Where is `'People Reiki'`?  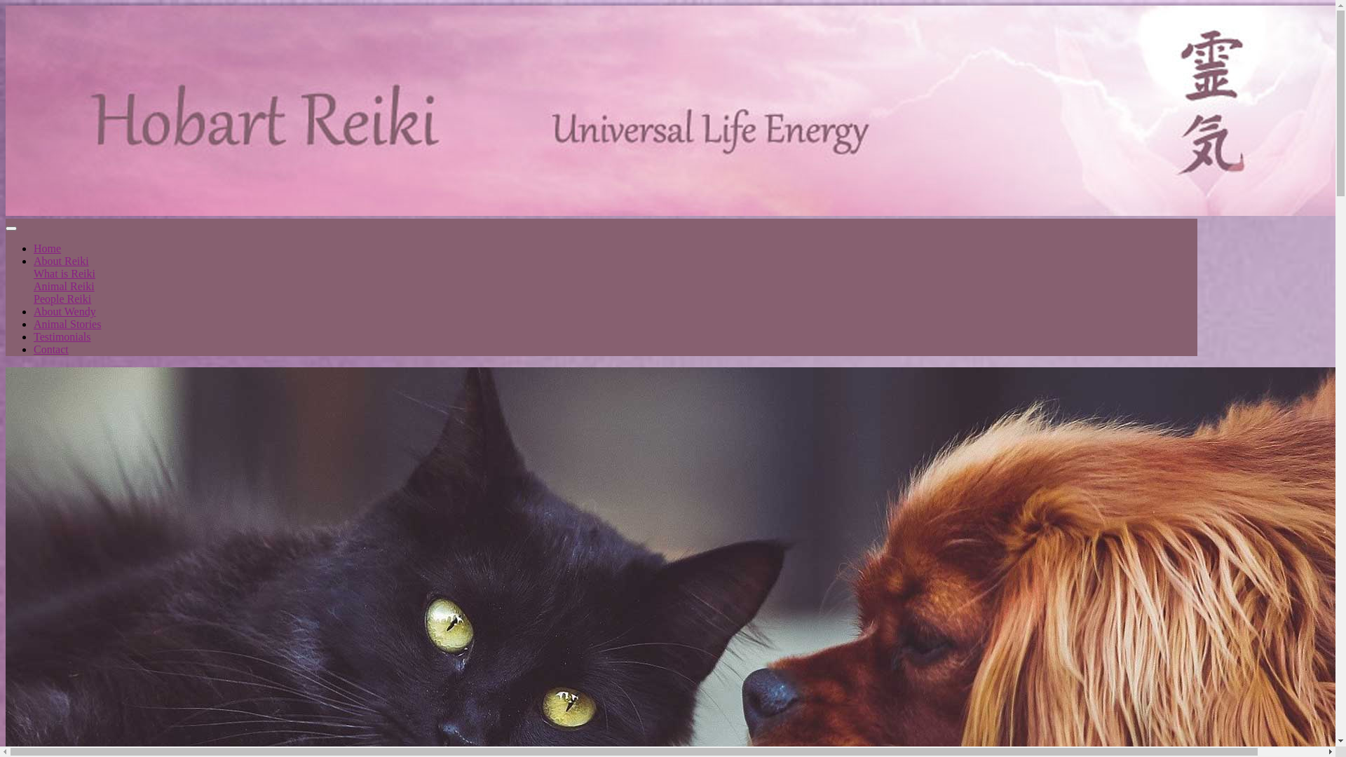
'People Reiki' is located at coordinates (62, 298).